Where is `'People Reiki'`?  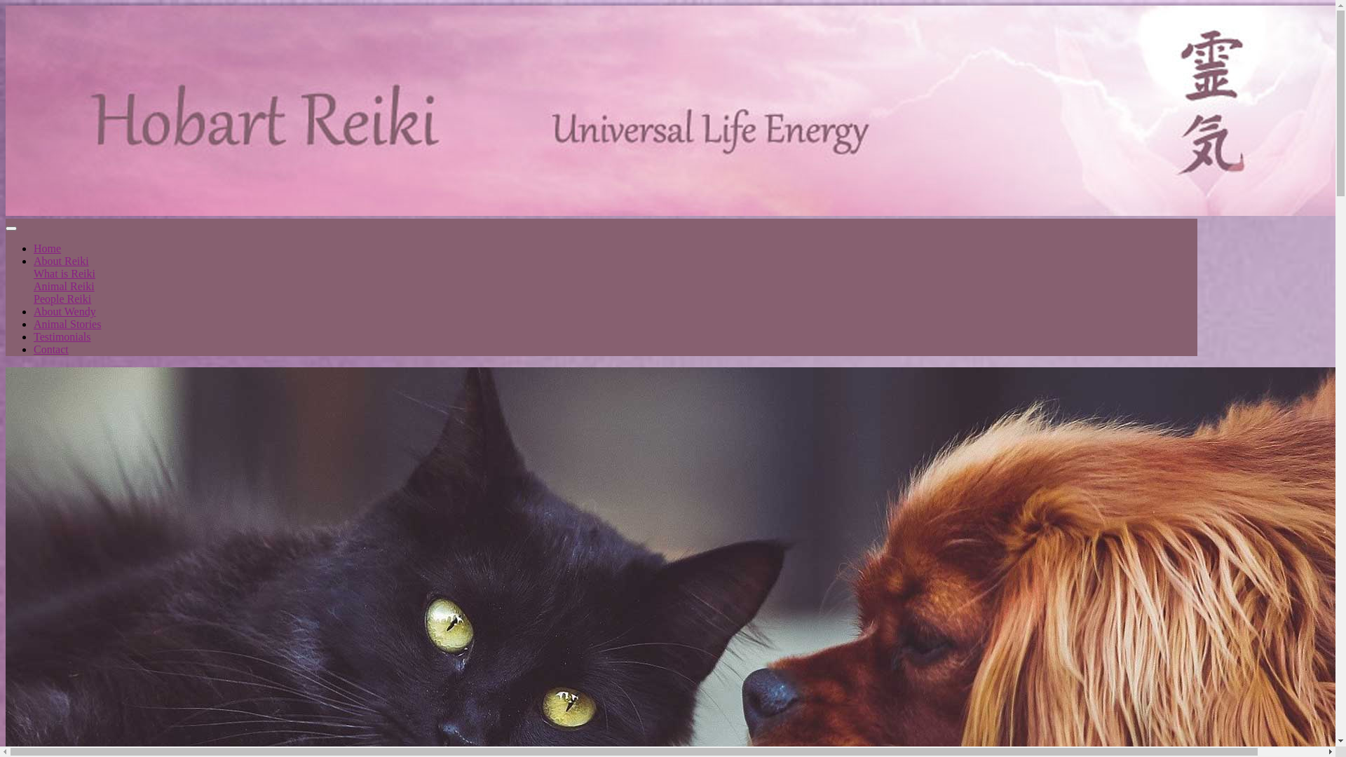
'People Reiki' is located at coordinates (62, 298).